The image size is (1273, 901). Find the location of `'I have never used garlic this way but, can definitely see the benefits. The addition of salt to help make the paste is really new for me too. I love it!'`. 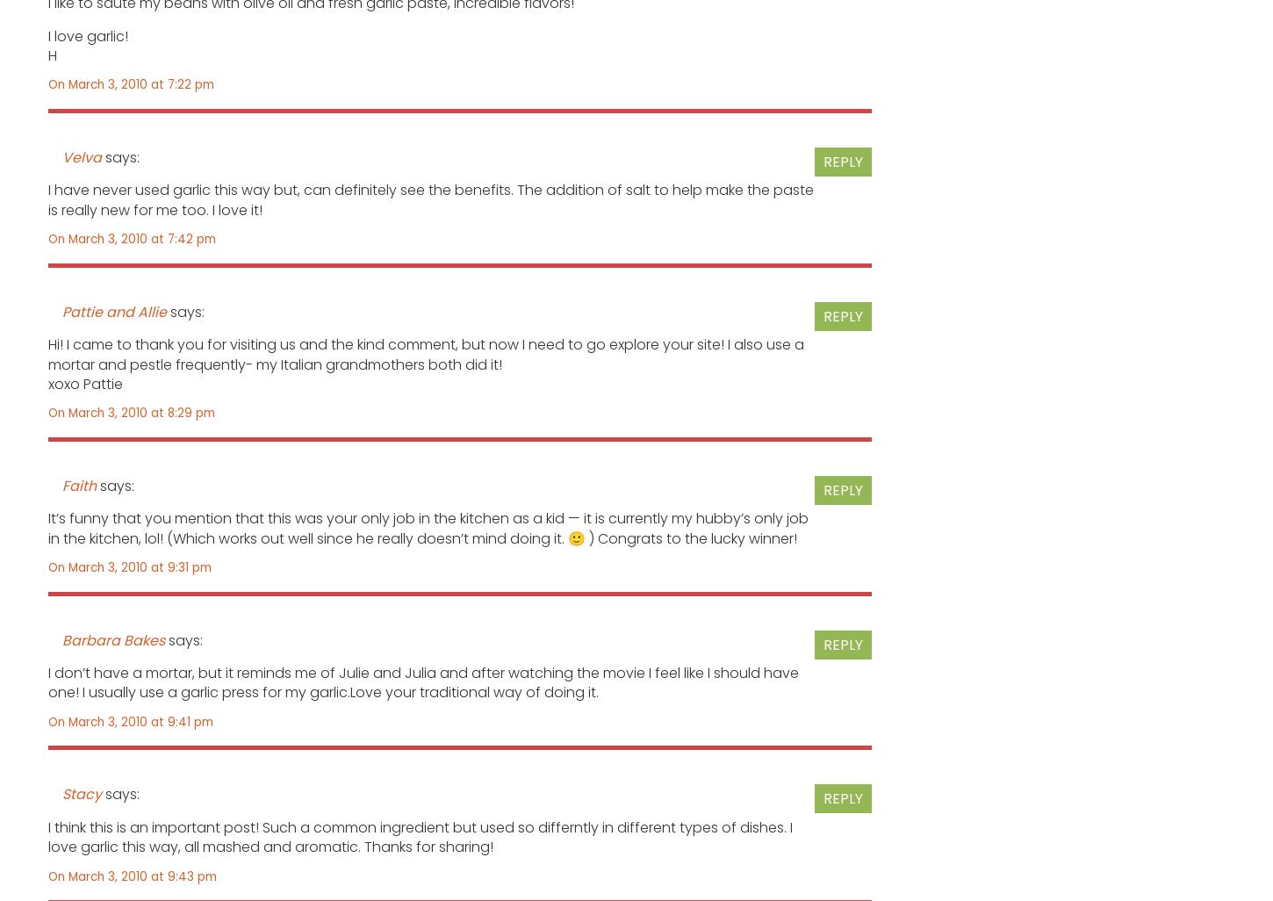

'I have never used garlic this way but, can definitely see the benefits. The addition of salt to help make the paste is really new for me too. I love it!' is located at coordinates (47, 199).